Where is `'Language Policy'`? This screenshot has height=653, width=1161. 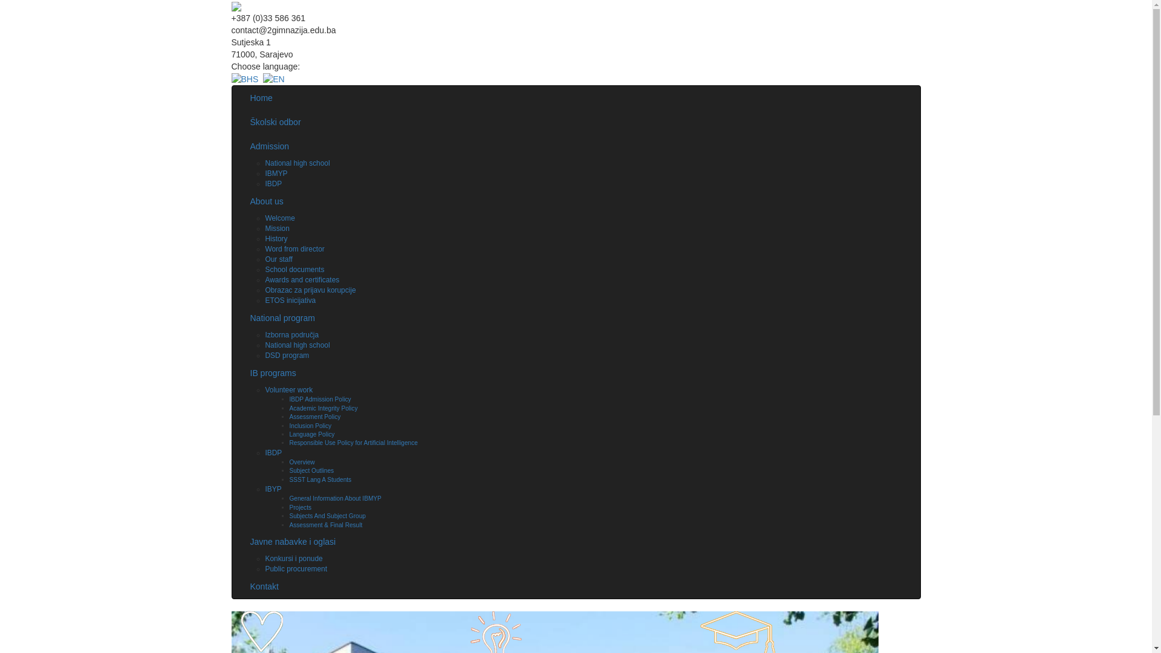
'Language Policy' is located at coordinates (311, 434).